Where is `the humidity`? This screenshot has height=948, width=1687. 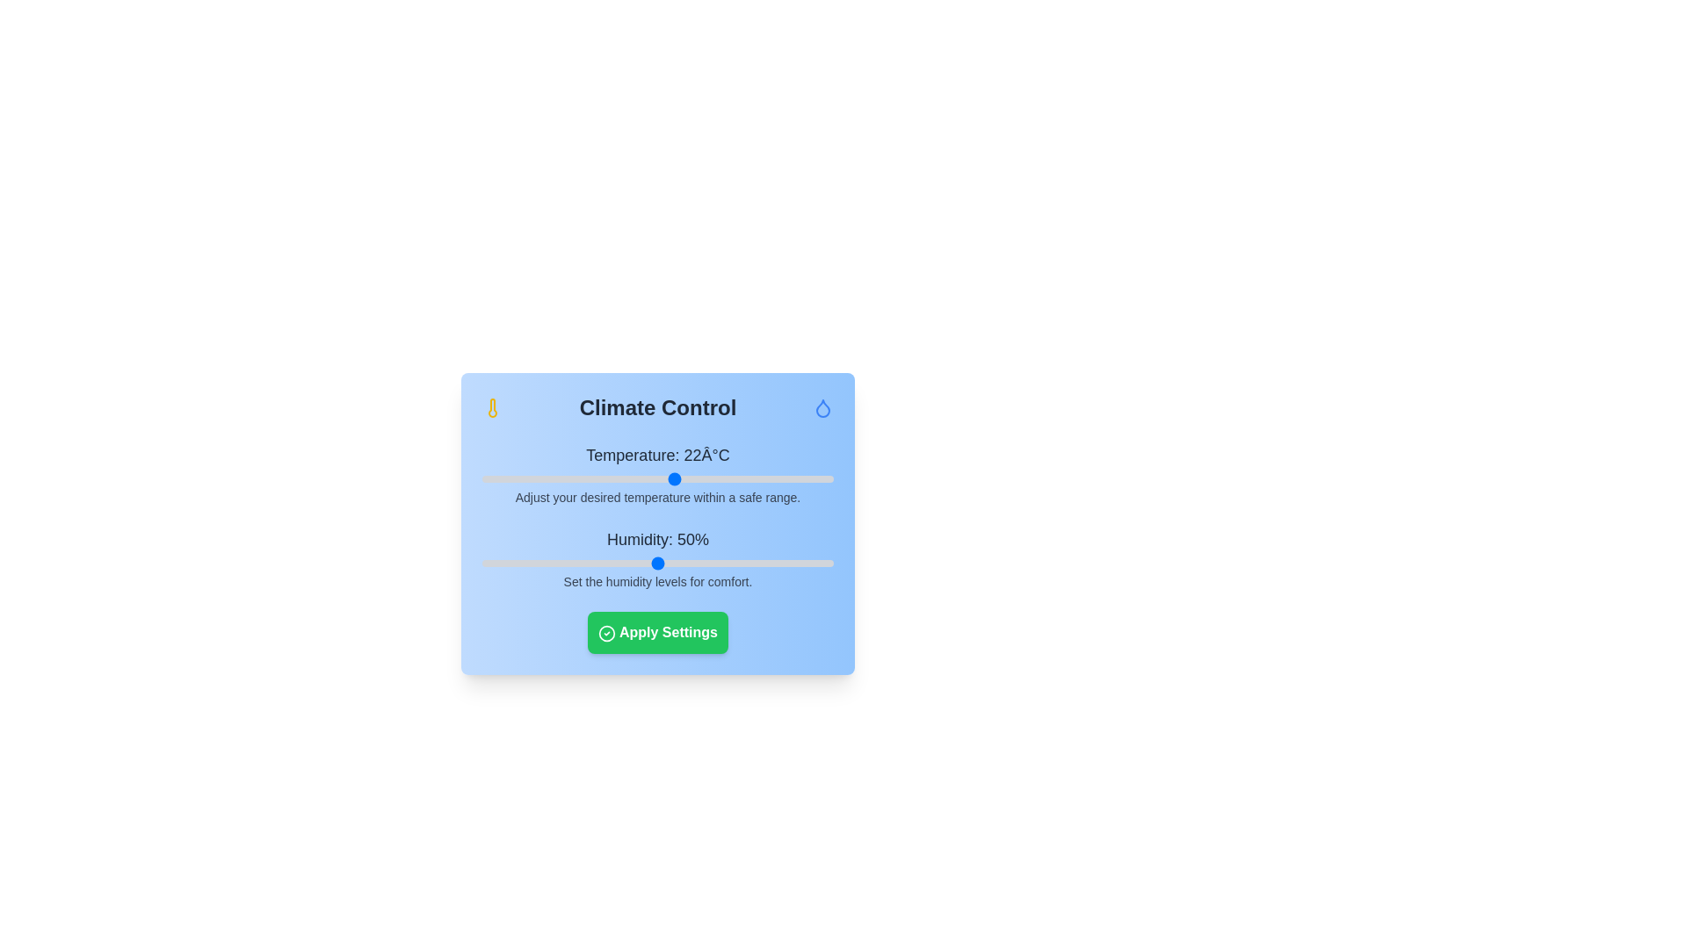 the humidity is located at coordinates (619, 563).